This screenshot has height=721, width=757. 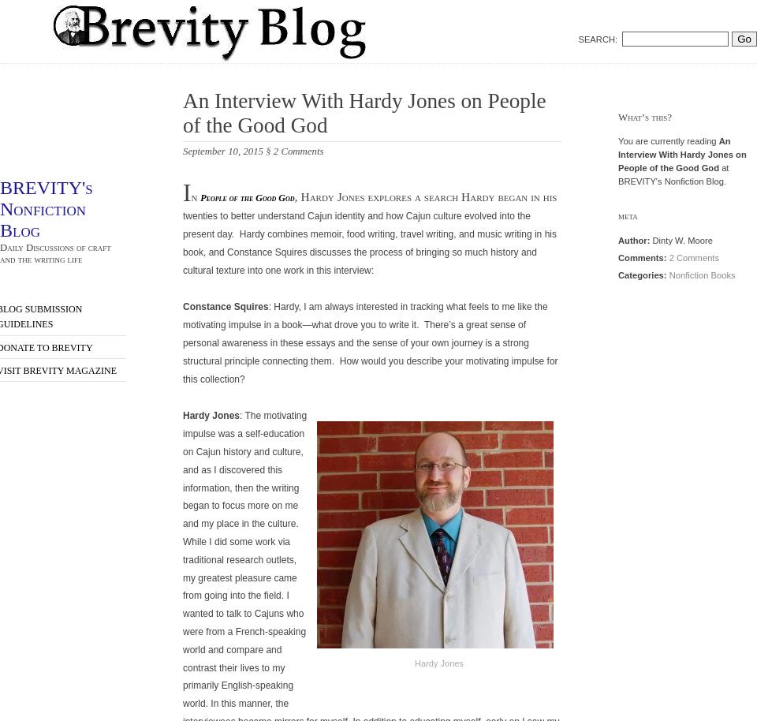 I want to click on 'People of the Good God', so click(x=247, y=196).